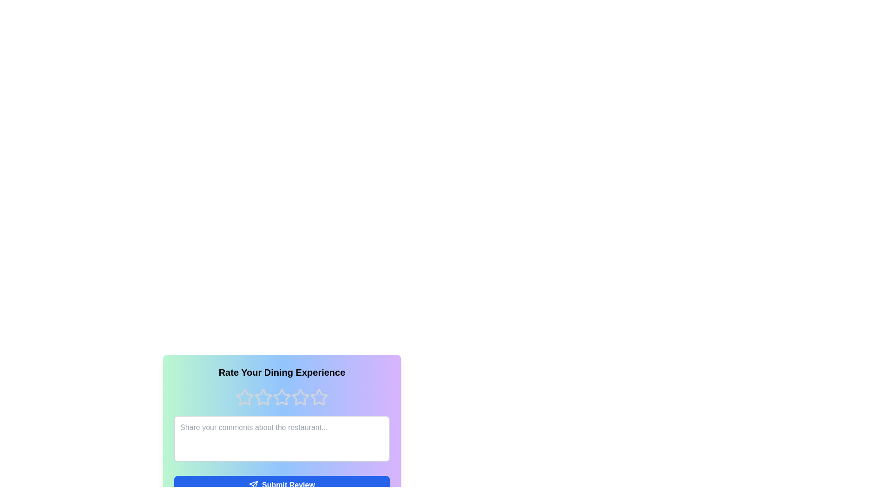 The width and height of the screenshot is (892, 501). I want to click on the 'Submit Review' button, which has a prominent blue background and a white paper plane icon, so click(281, 484).